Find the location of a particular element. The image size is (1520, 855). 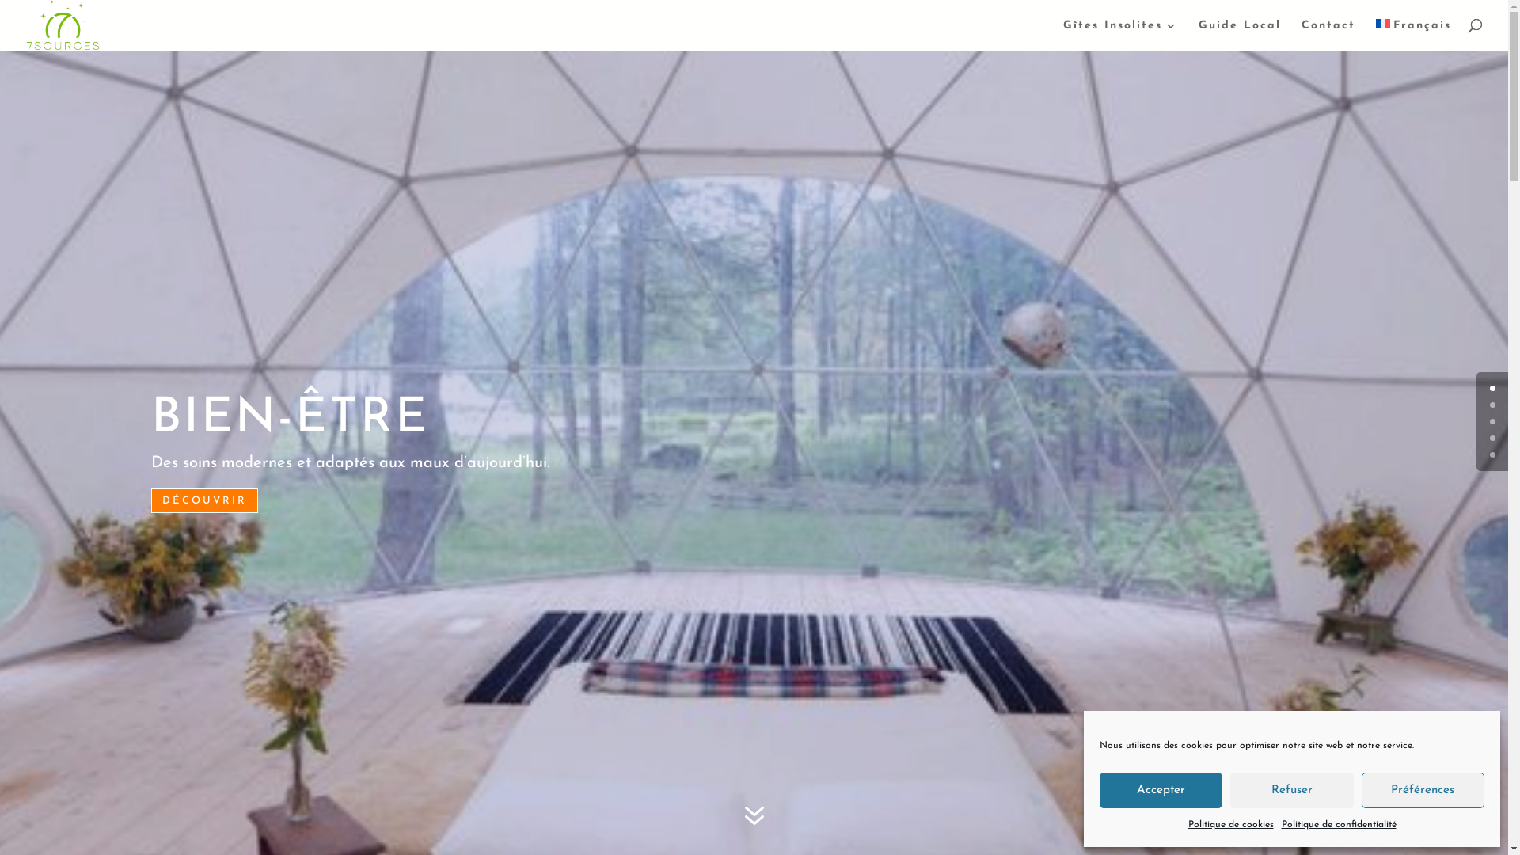

'7' is located at coordinates (753, 817).